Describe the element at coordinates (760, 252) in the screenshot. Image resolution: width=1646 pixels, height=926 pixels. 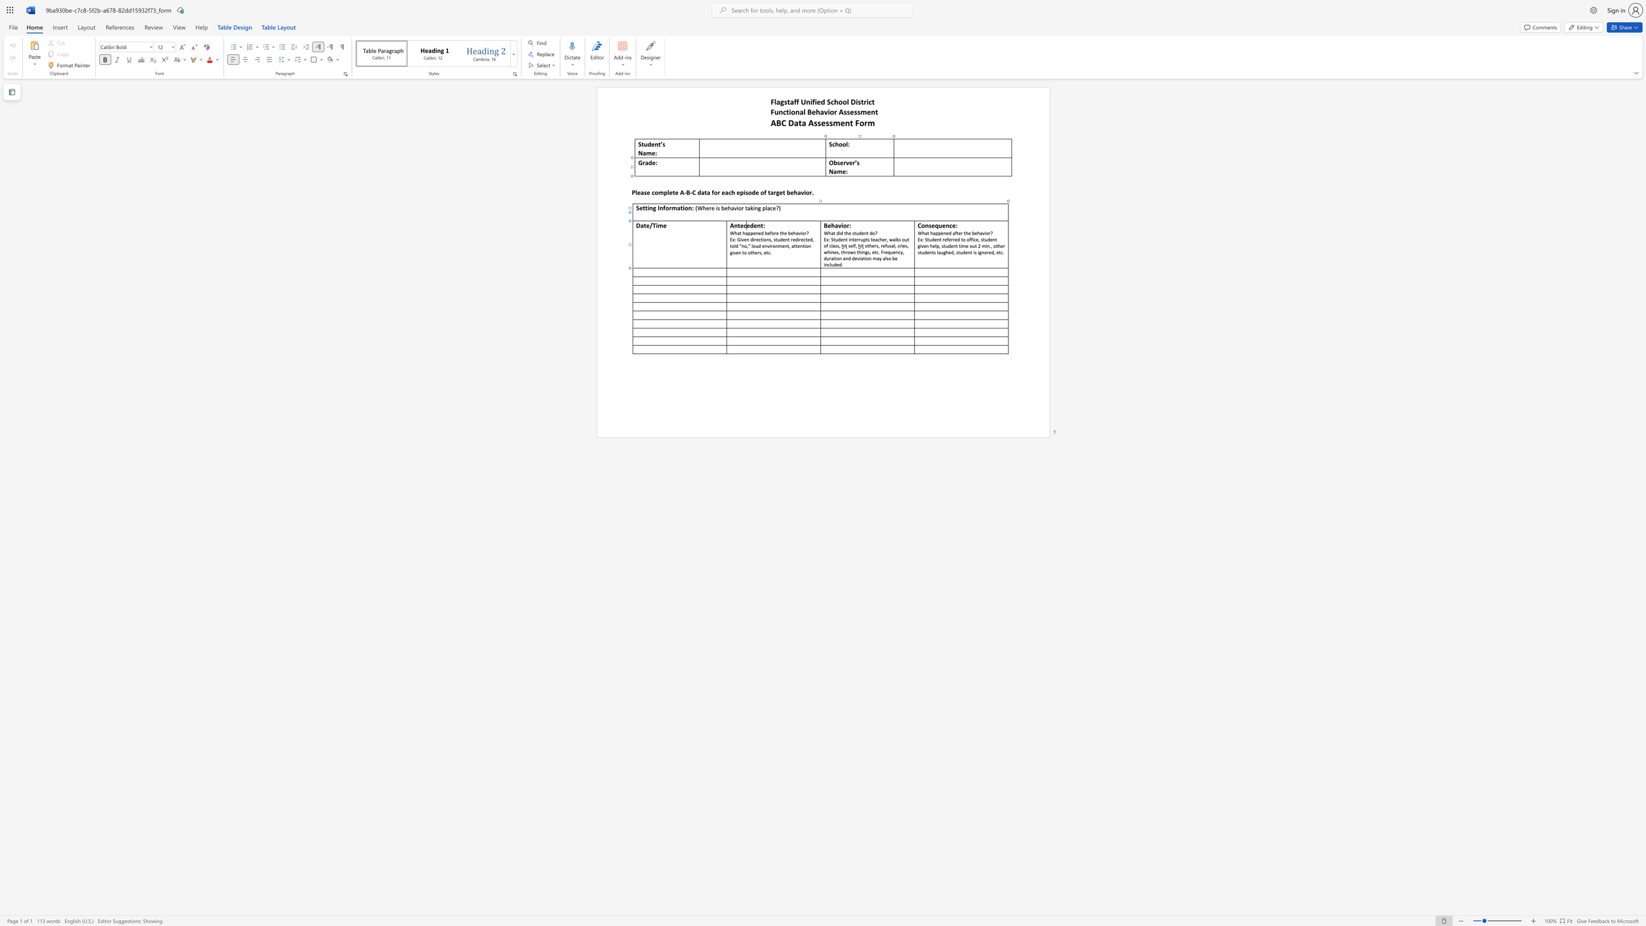
I see `the 1th character "s" in the text` at that location.